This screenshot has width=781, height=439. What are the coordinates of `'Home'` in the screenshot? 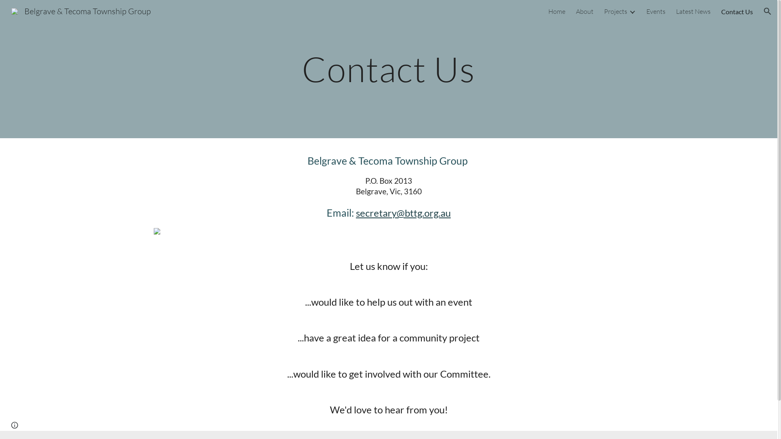 It's located at (556, 11).